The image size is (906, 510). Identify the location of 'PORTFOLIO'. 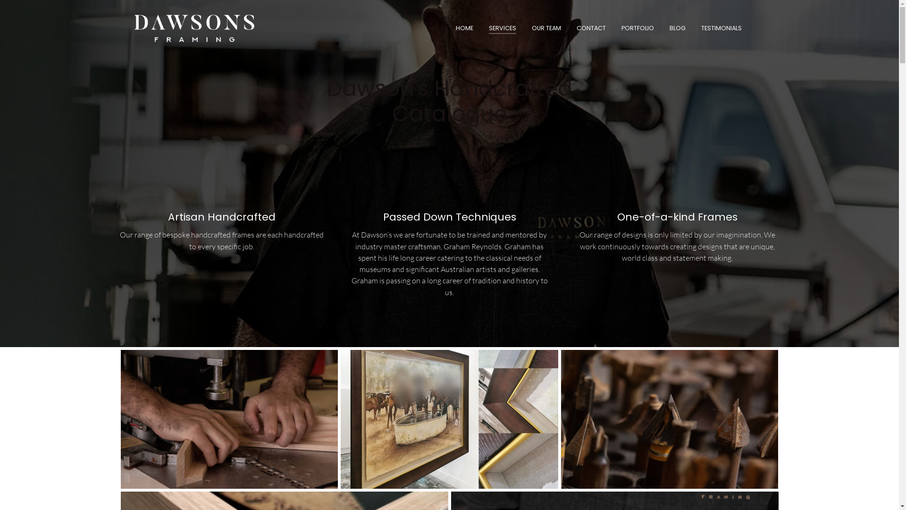
(634, 28).